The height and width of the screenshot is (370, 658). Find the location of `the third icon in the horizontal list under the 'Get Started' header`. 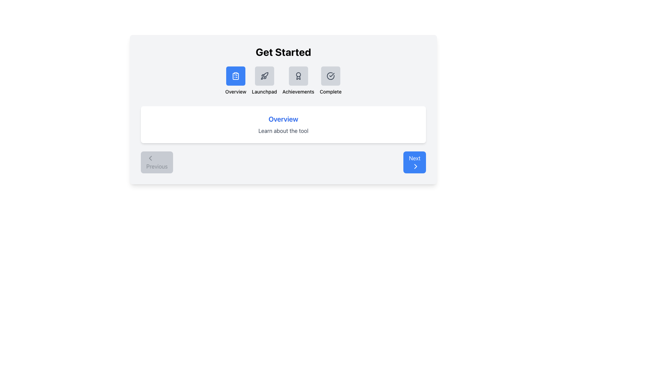

the third icon in the horizontal list under the 'Get Started' header is located at coordinates (298, 76).